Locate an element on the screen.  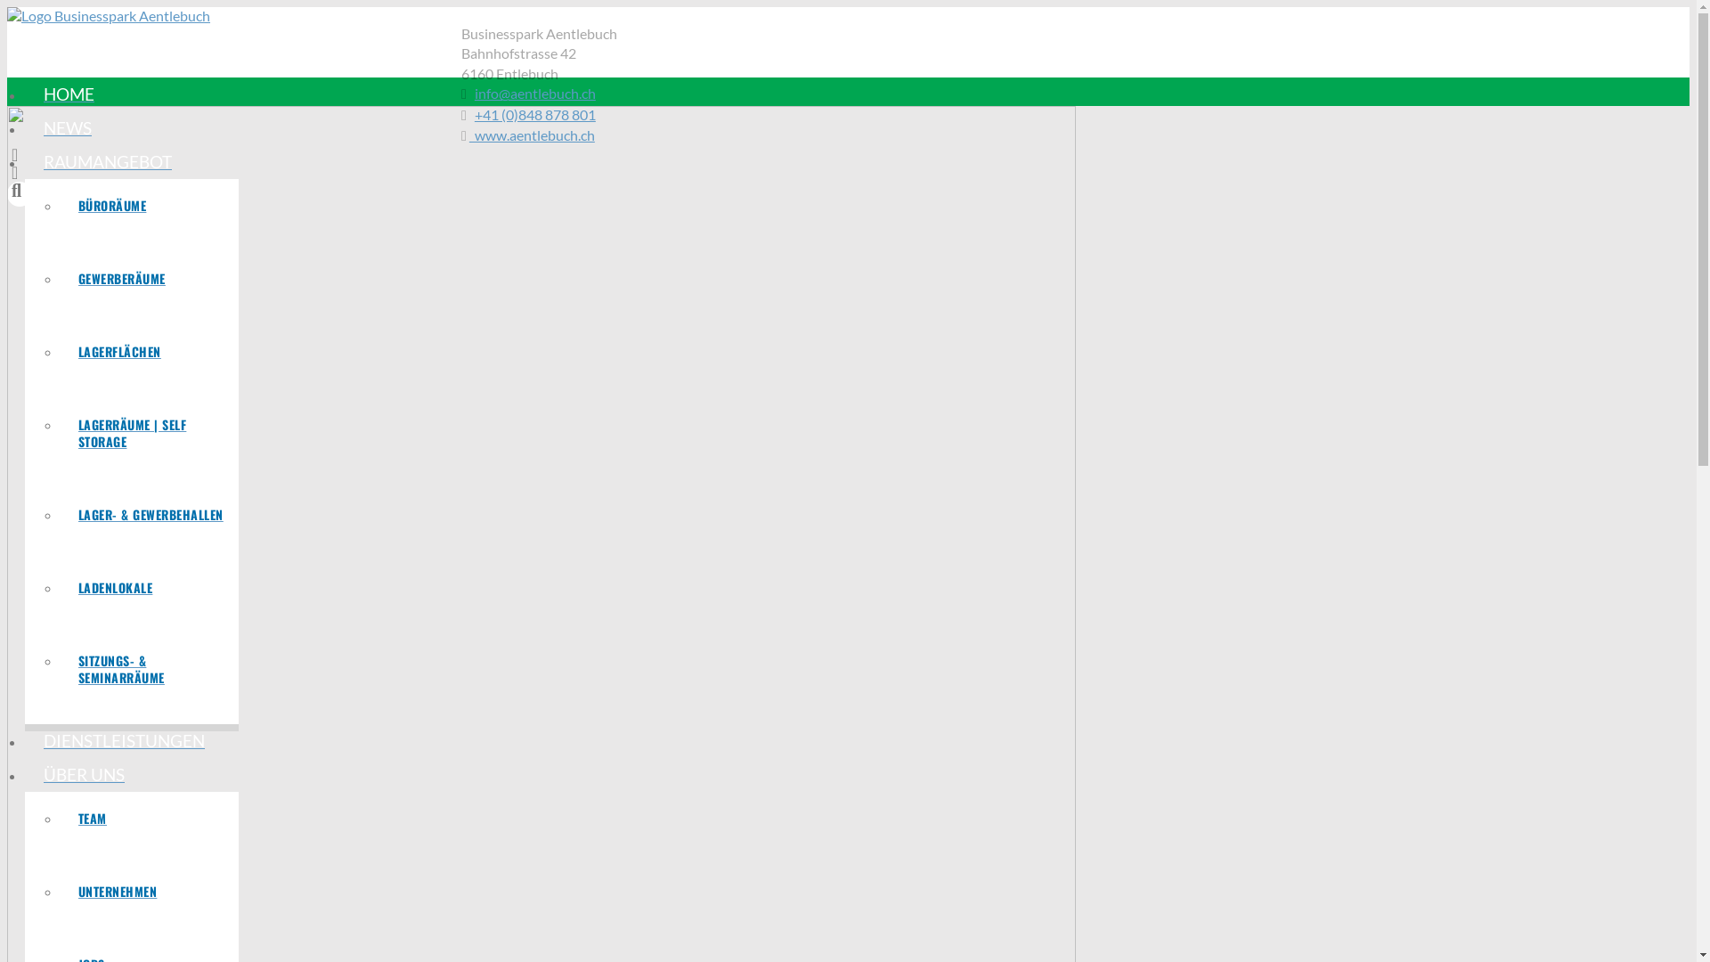
'LADENLOKALE' is located at coordinates (150, 598).